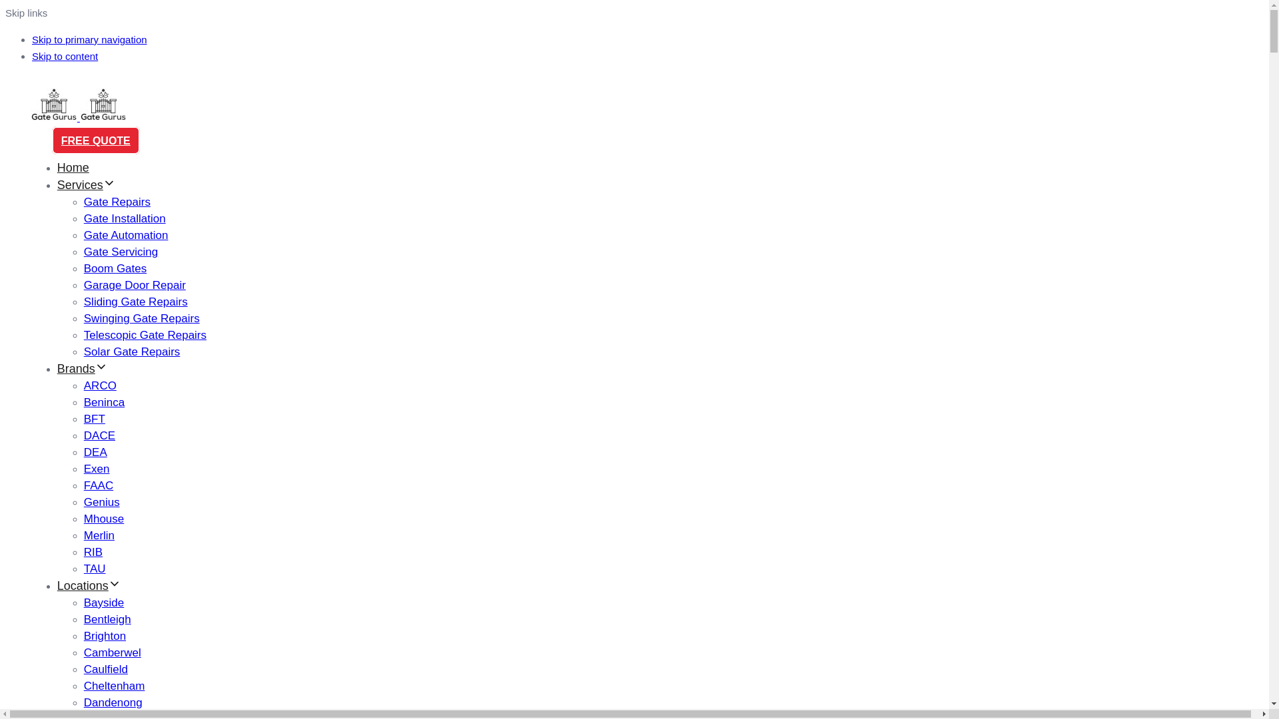 Image resolution: width=1279 pixels, height=719 pixels. What do you see at coordinates (121, 252) in the screenshot?
I see `'Gate Servicing'` at bounding box center [121, 252].